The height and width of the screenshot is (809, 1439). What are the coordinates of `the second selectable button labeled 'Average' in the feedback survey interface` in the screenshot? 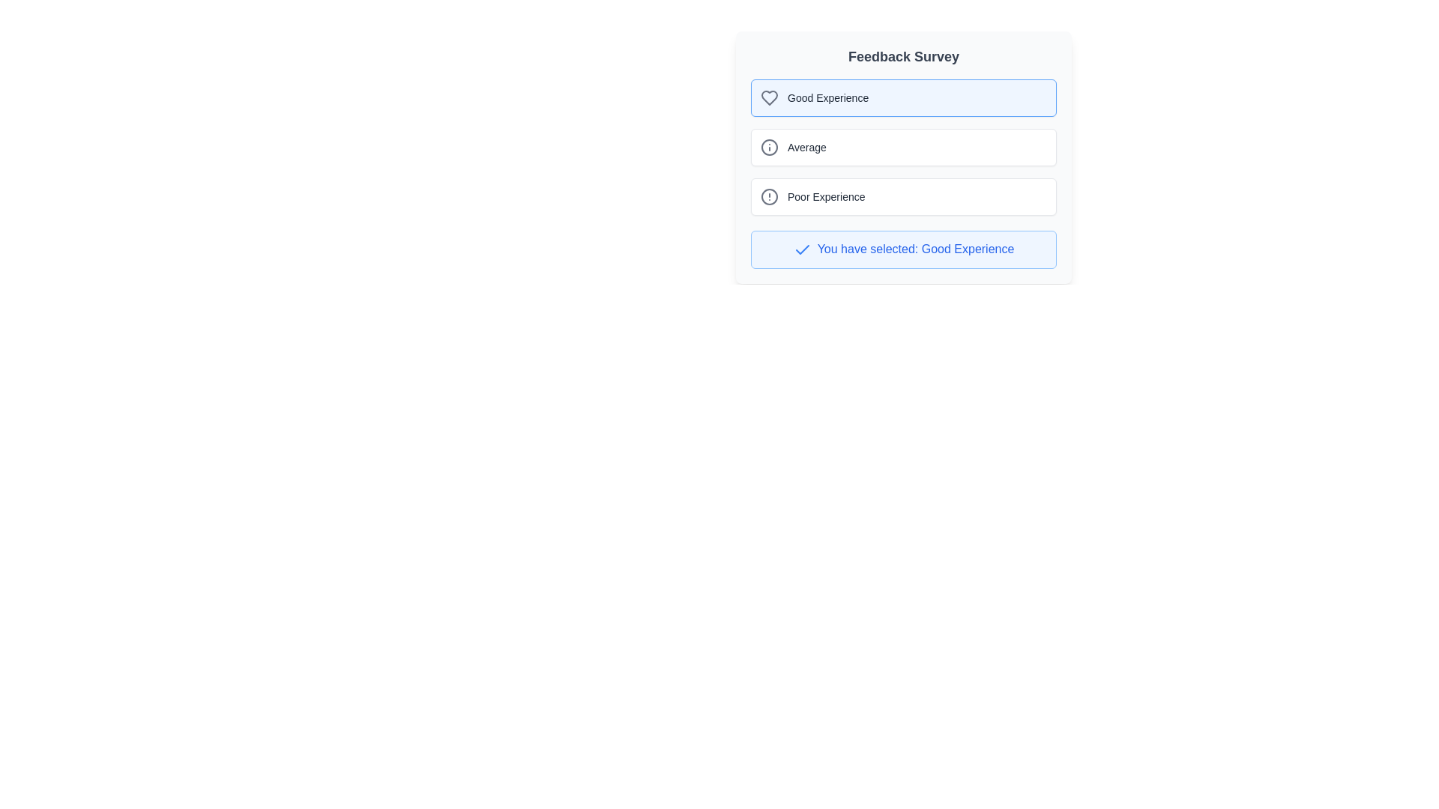 It's located at (902, 157).